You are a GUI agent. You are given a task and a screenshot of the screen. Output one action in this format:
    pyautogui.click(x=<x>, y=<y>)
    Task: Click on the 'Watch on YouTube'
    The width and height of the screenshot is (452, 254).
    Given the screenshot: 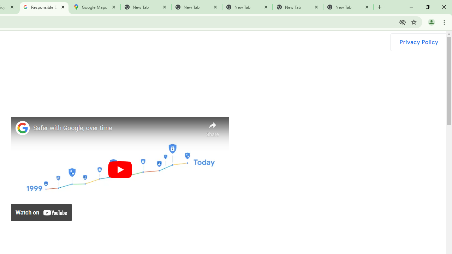 What is the action you would take?
    pyautogui.click(x=41, y=212)
    